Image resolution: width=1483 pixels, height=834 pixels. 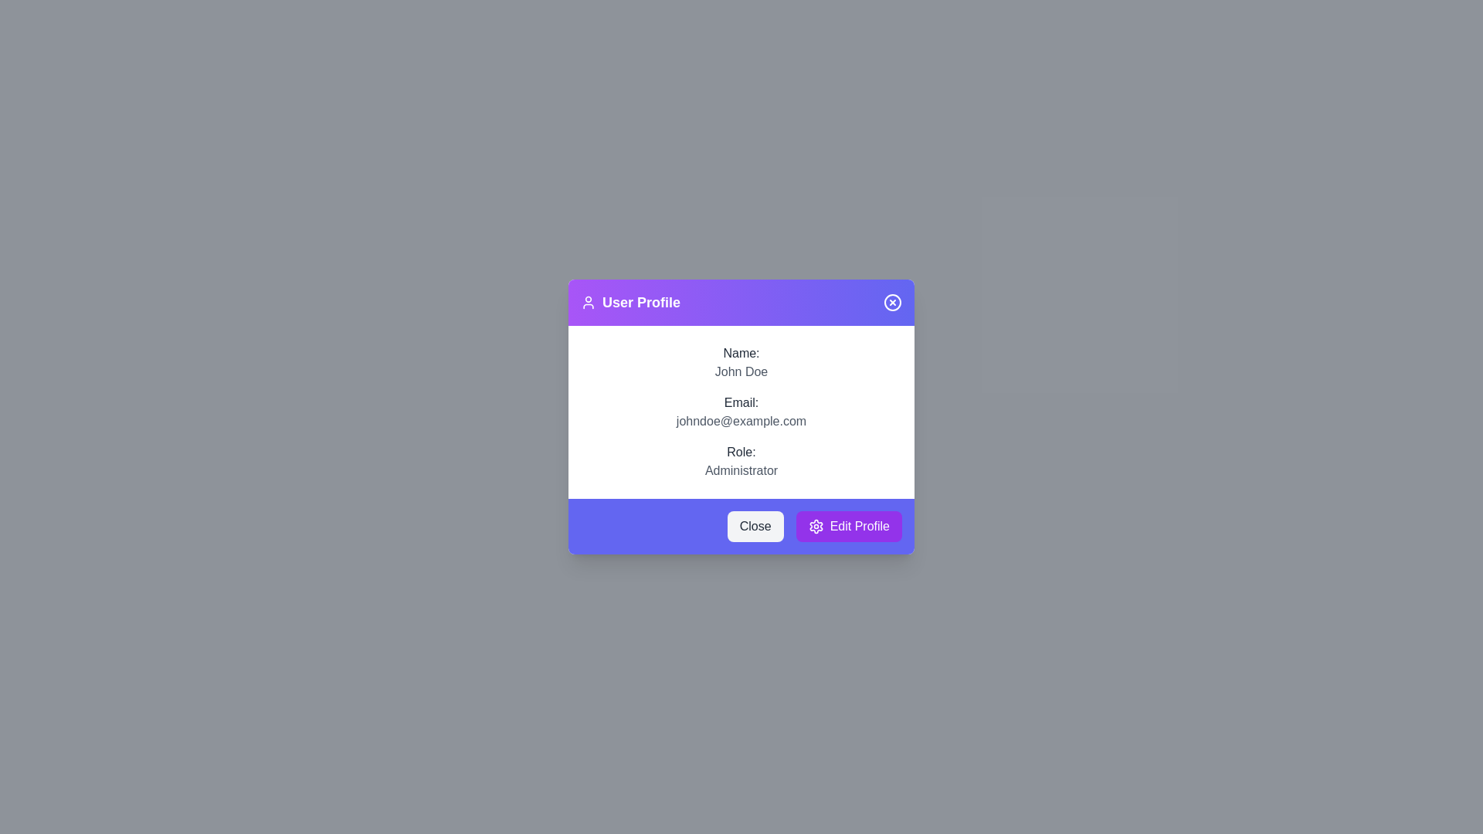 I want to click on the 'Edit Profile' button with rounded edges and a vibrant purple background located at the bottom-right corner of the modal dialog box, so click(x=848, y=526).